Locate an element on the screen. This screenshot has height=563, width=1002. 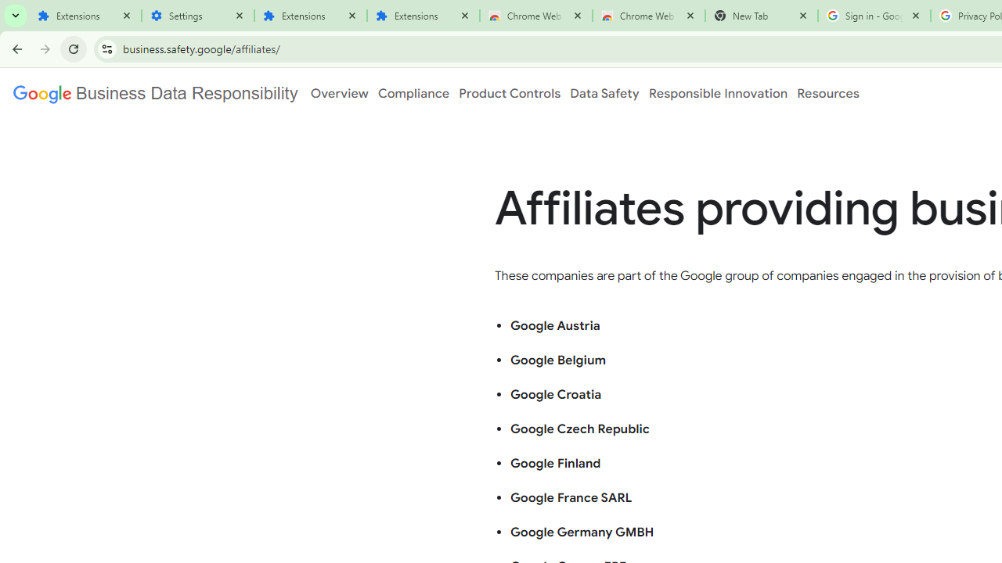
'Compliance' is located at coordinates (413, 93).